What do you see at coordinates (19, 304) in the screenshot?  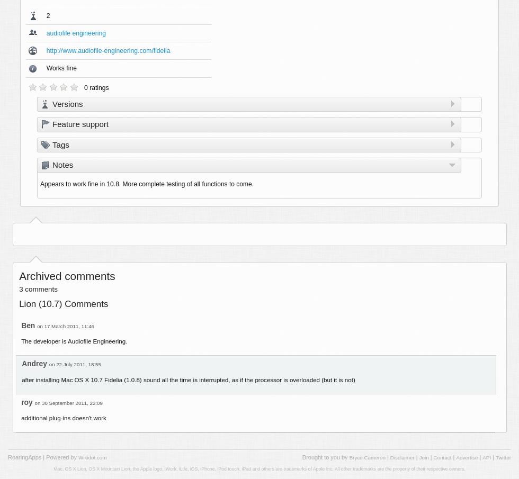 I see `'Lion (10.7) Comments'` at bounding box center [19, 304].